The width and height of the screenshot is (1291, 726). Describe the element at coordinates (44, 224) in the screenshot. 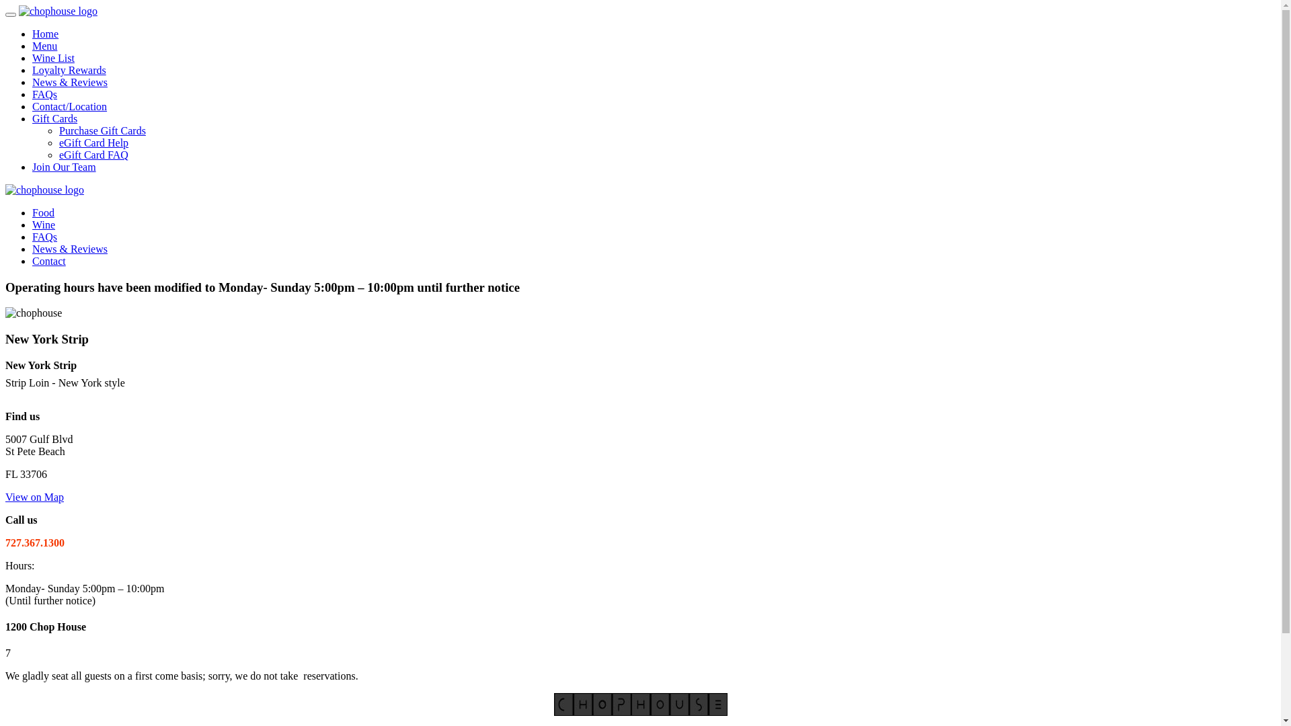

I see `'Wine'` at that location.